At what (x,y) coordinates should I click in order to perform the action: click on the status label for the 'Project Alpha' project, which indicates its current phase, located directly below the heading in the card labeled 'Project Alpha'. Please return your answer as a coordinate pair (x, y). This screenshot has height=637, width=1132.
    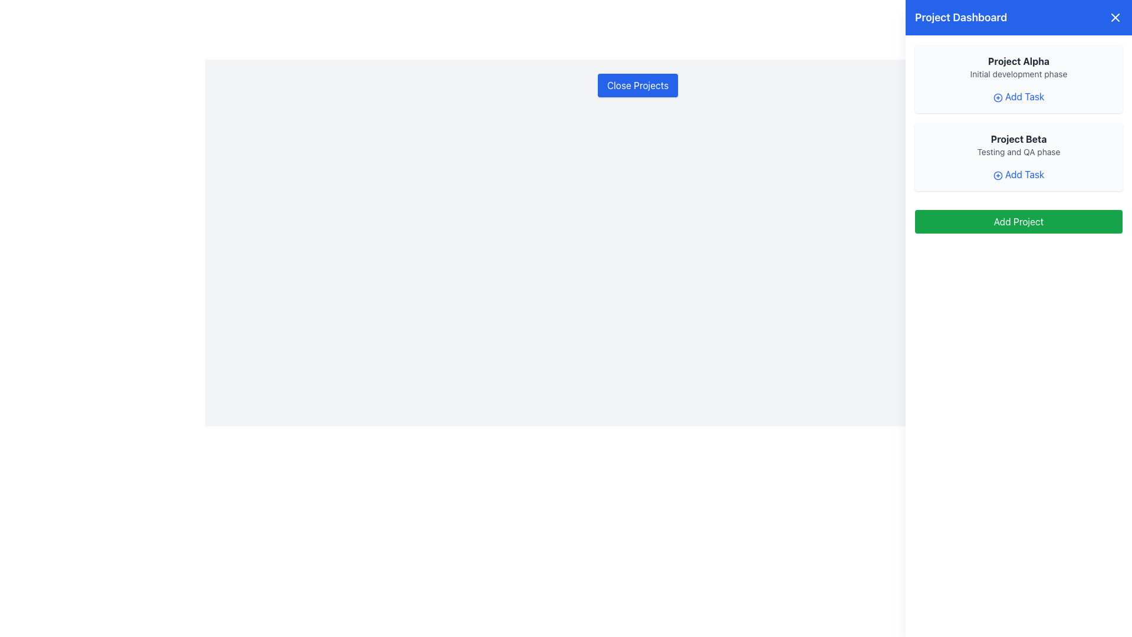
    Looking at the image, I should click on (1018, 74).